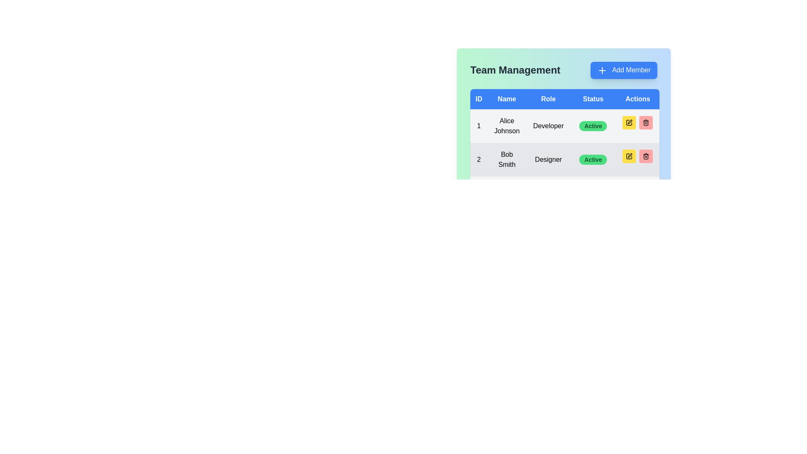 The width and height of the screenshot is (807, 454). I want to click on the edit Icon button located in the first position of the Actions column for the second row of the table, which is aligned with the Designer role and the Active status indicator, so click(629, 156).